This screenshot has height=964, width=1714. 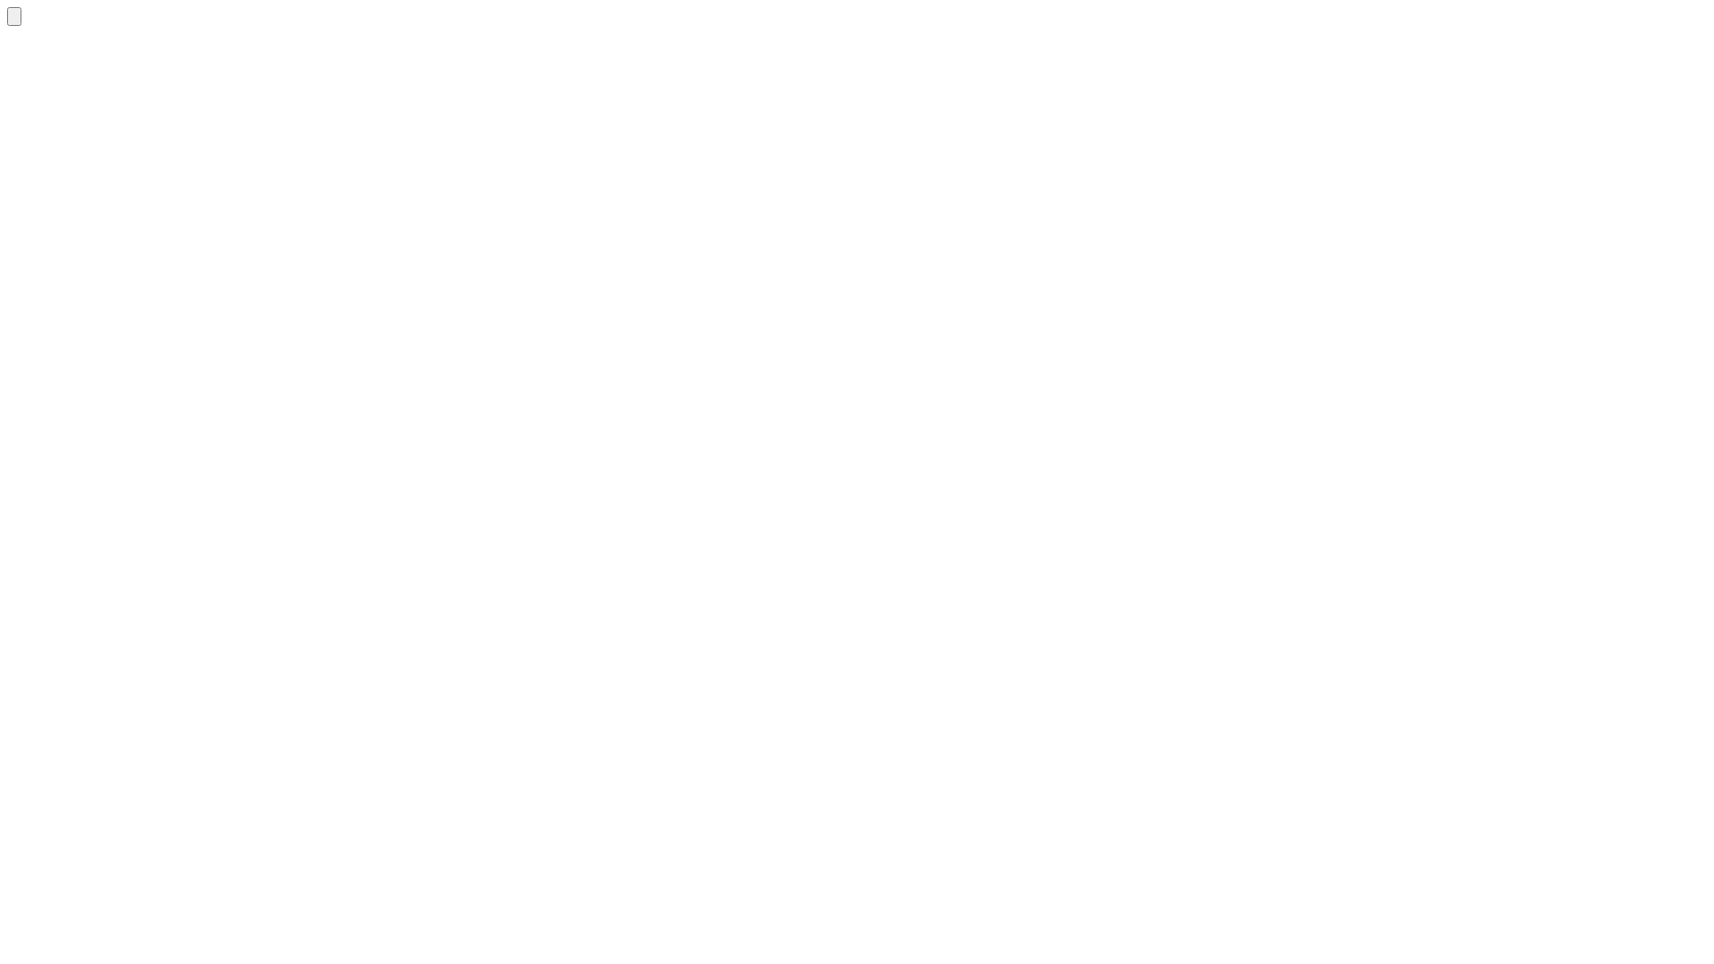 I want to click on 'Audacy Logo', so click(x=7, y=16).